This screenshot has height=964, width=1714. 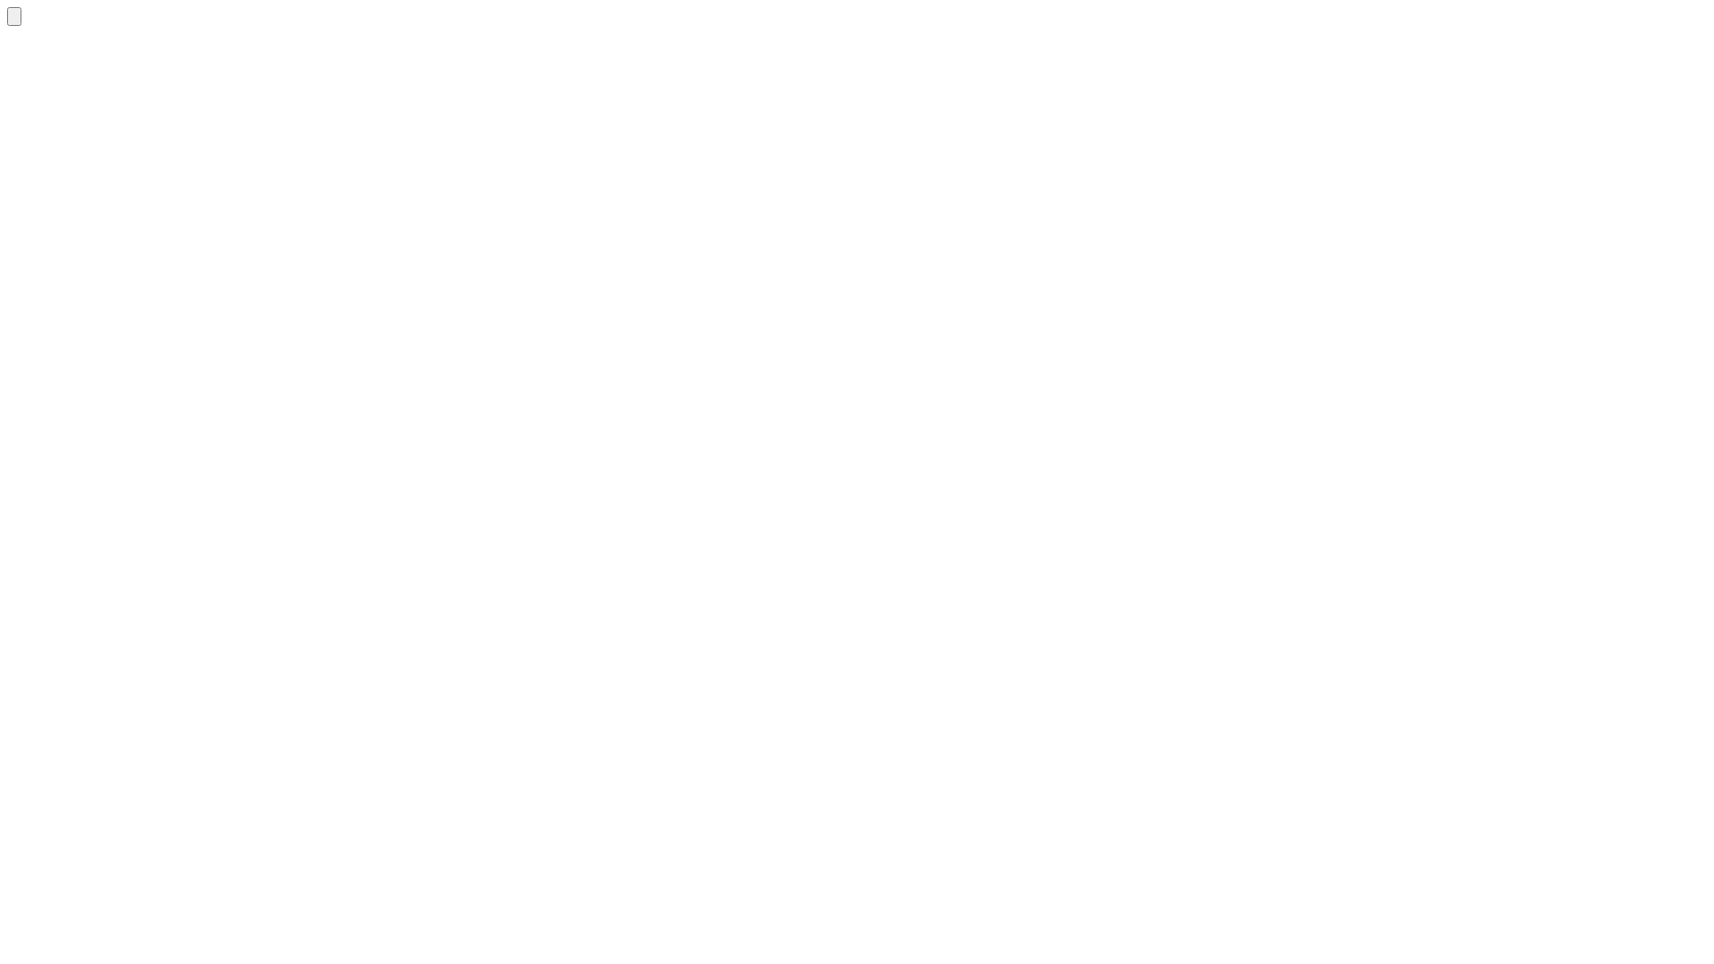 I want to click on 'Audacy Logo', so click(x=7, y=16).